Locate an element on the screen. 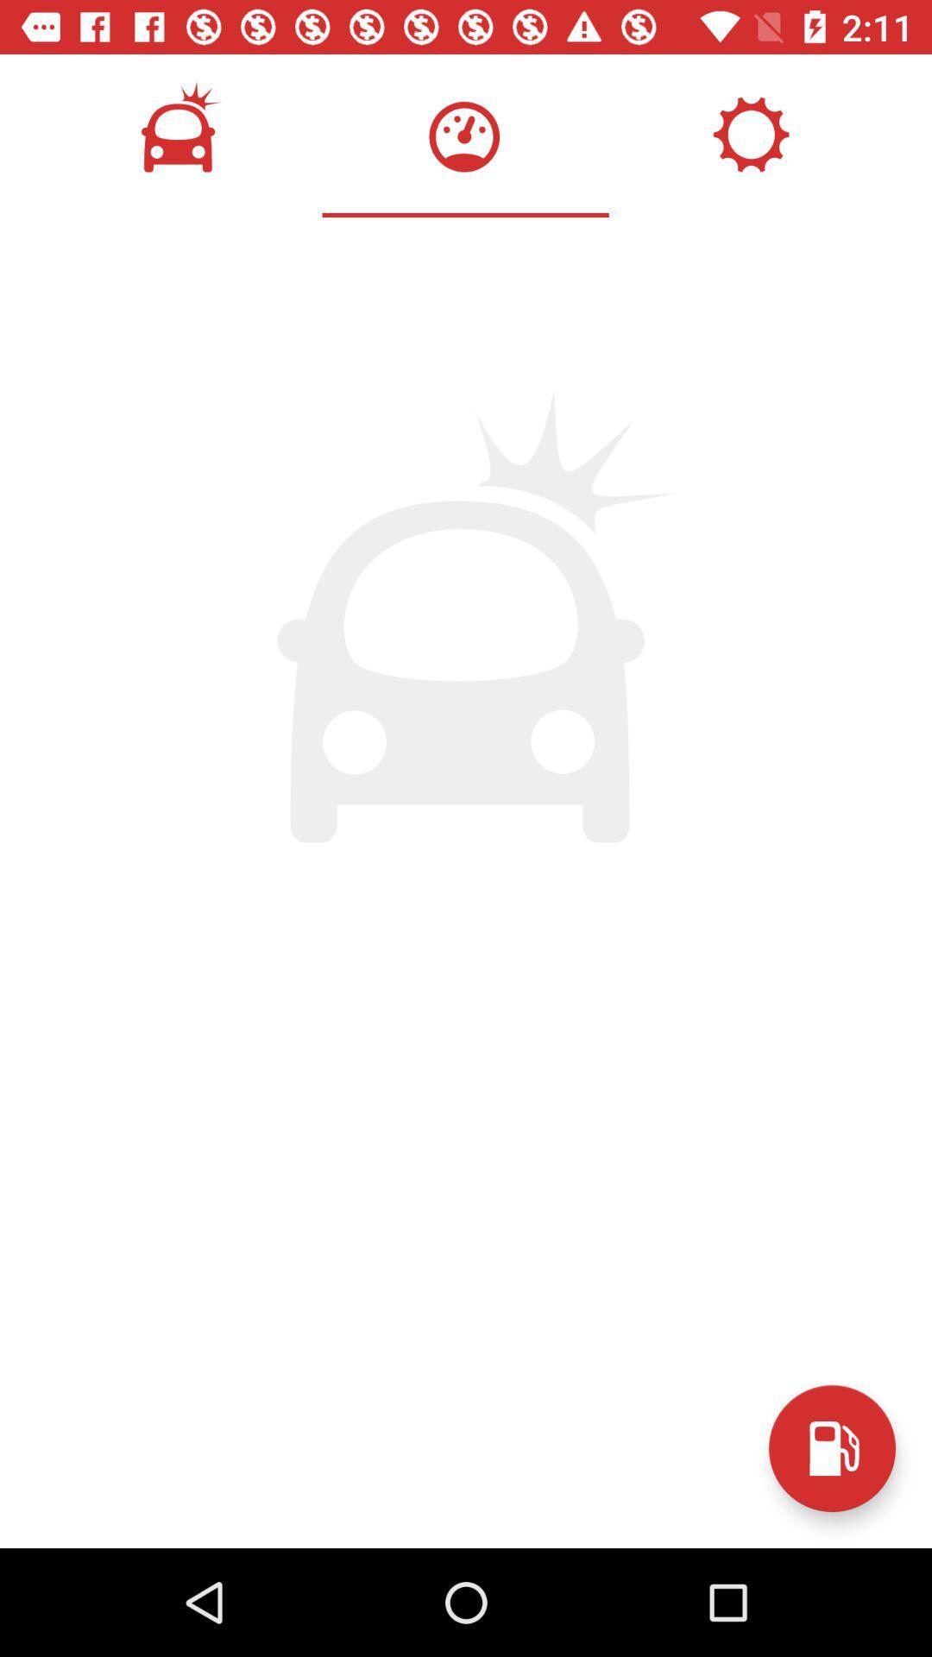 This screenshot has height=1657, width=932. the save icon is located at coordinates (831, 1448).